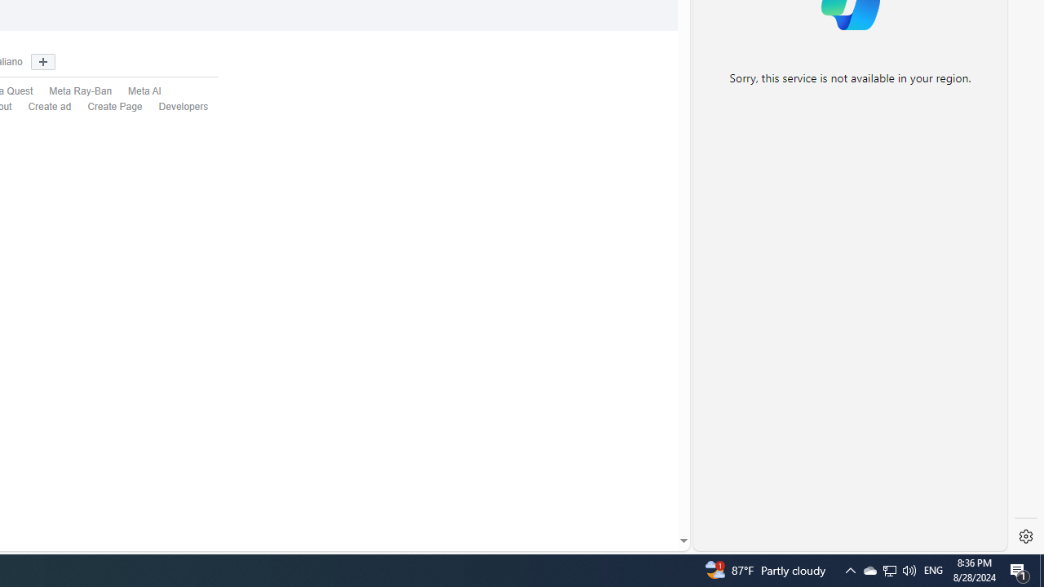  Describe the element at coordinates (114, 107) in the screenshot. I see `'Create Page'` at that location.